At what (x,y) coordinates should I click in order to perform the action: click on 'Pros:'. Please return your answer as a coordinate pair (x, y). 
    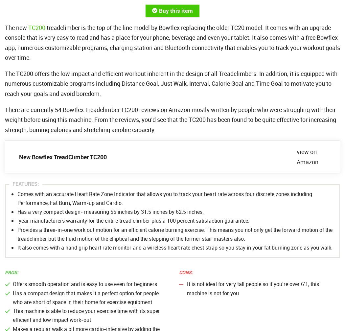
    Looking at the image, I should click on (11, 272).